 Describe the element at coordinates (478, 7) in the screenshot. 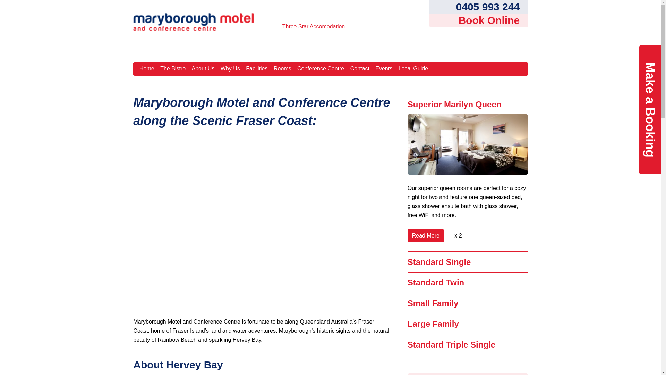

I see `'0405 993 244'` at that location.